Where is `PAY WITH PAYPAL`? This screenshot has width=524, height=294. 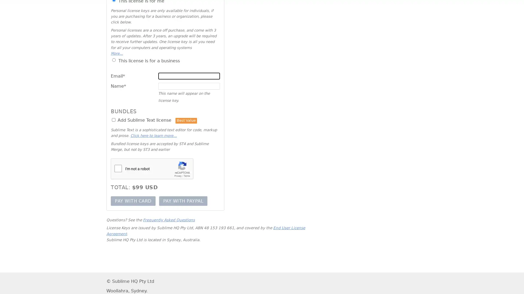
PAY WITH PAYPAL is located at coordinates (183, 201).